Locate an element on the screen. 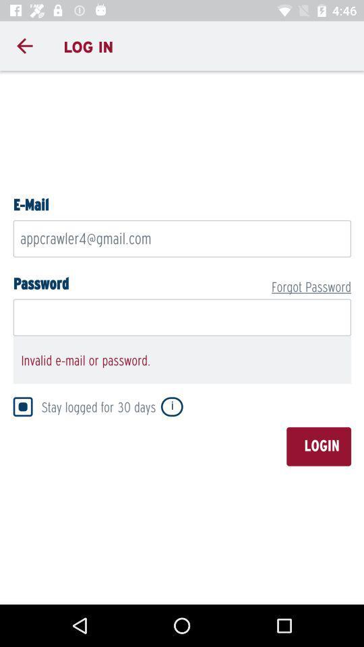 Image resolution: width=364 pixels, height=647 pixels. whole login page is located at coordinates (182, 335).